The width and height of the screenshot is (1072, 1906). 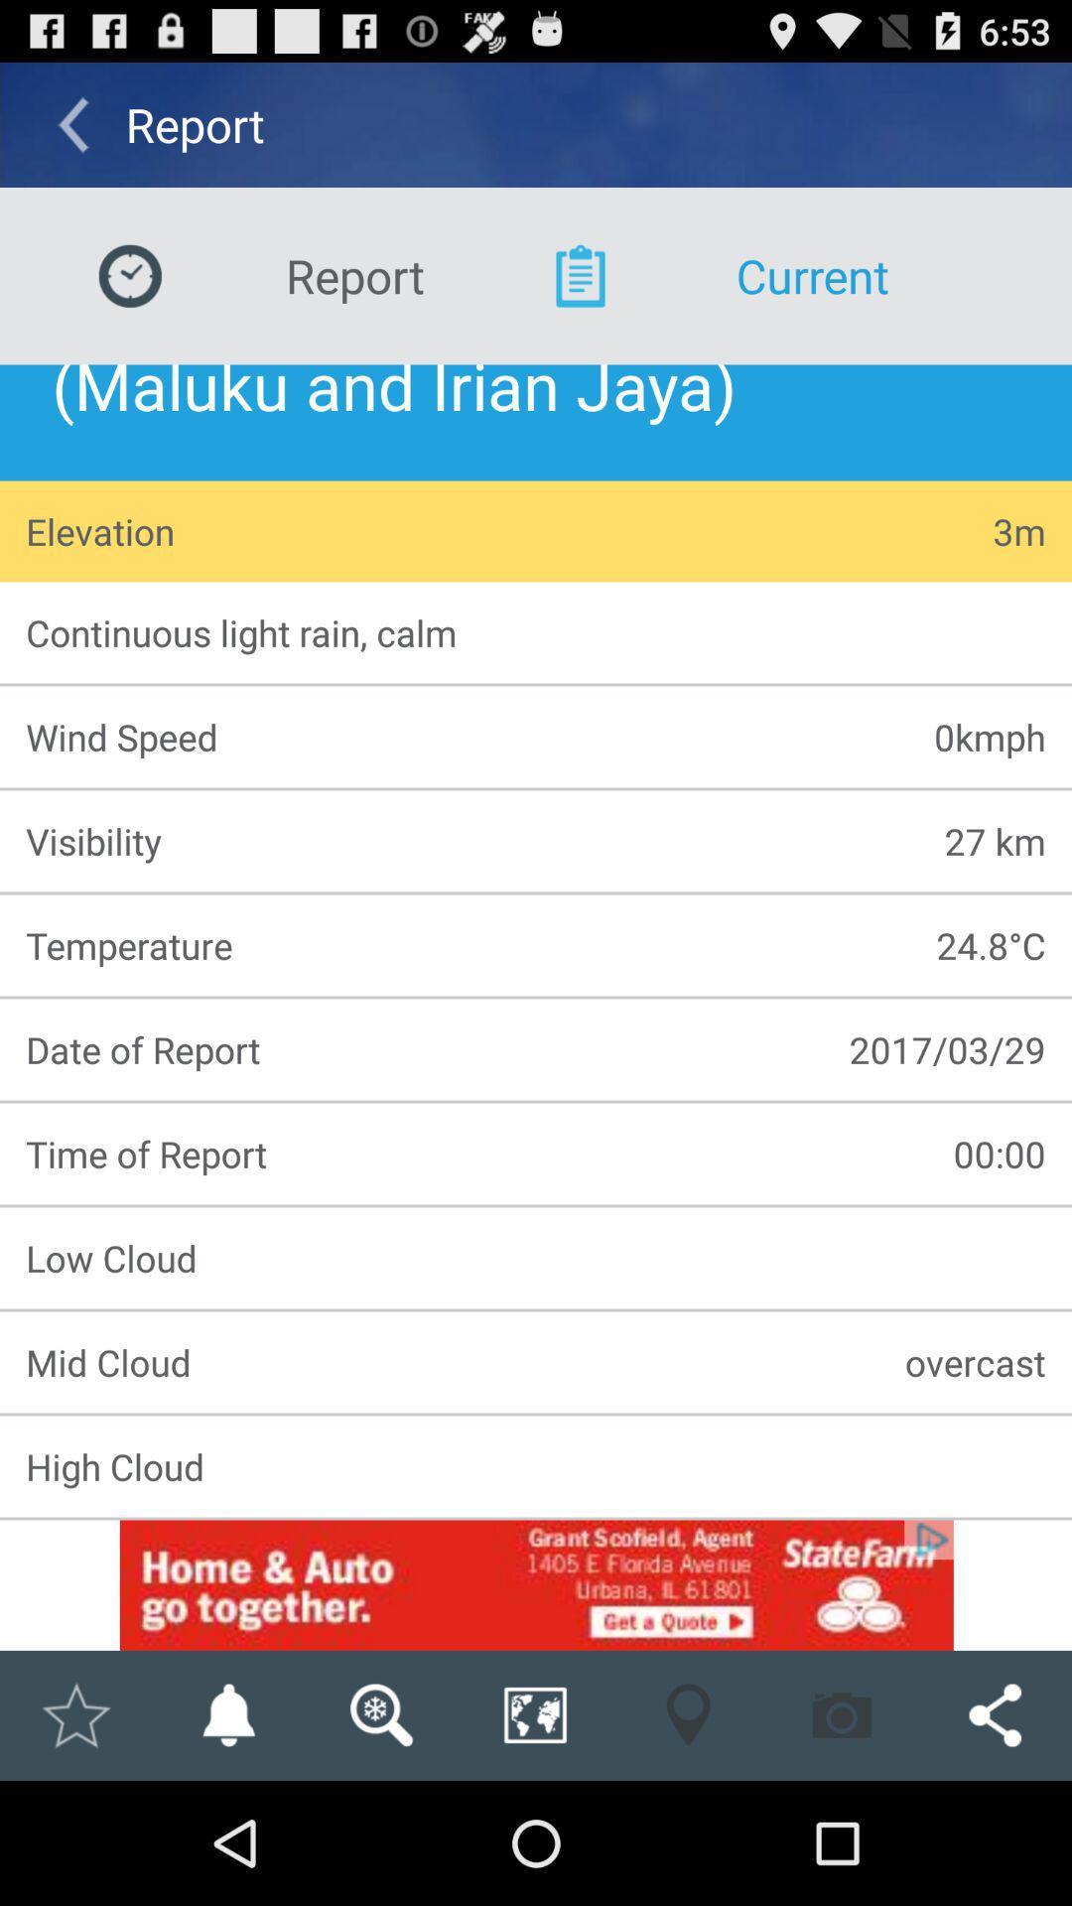 What do you see at coordinates (227, 1714) in the screenshot?
I see `notifications menu` at bounding box center [227, 1714].